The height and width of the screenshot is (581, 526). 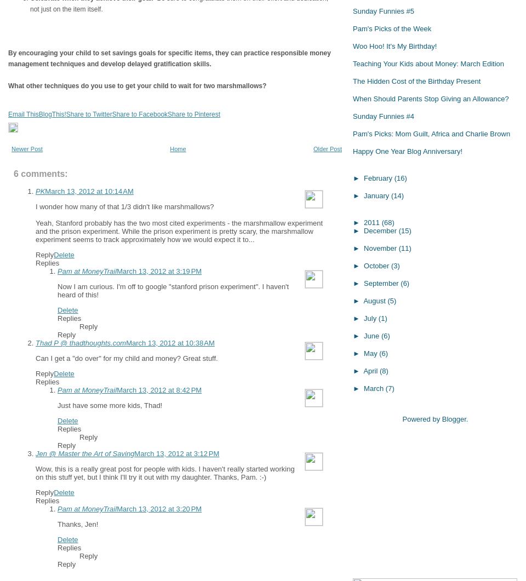 I want to click on 'Pam's Picks:  Mom Guilt, Africa and Charlie Brown', so click(x=431, y=133).